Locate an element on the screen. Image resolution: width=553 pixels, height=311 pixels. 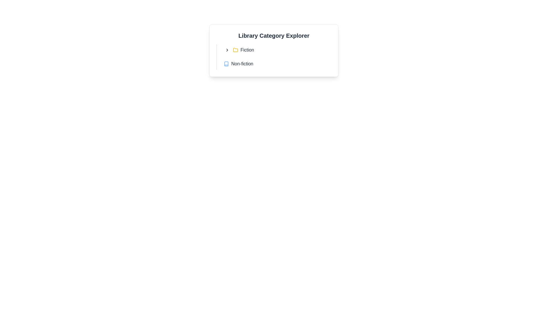
the 'Non-fiction' category icon located to the left of the 'Non-fiction' text label is located at coordinates (226, 64).